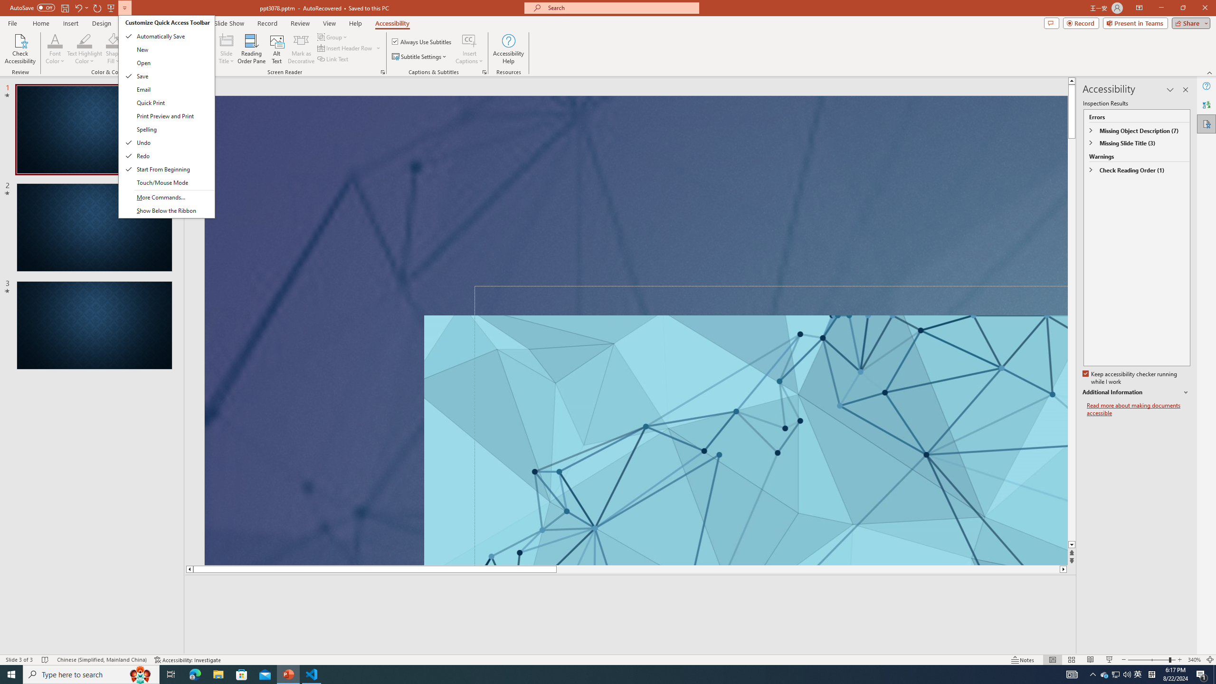 This screenshot has width=1216, height=684. Describe the element at coordinates (252, 49) in the screenshot. I see `'Reading Order Pane'` at that location.